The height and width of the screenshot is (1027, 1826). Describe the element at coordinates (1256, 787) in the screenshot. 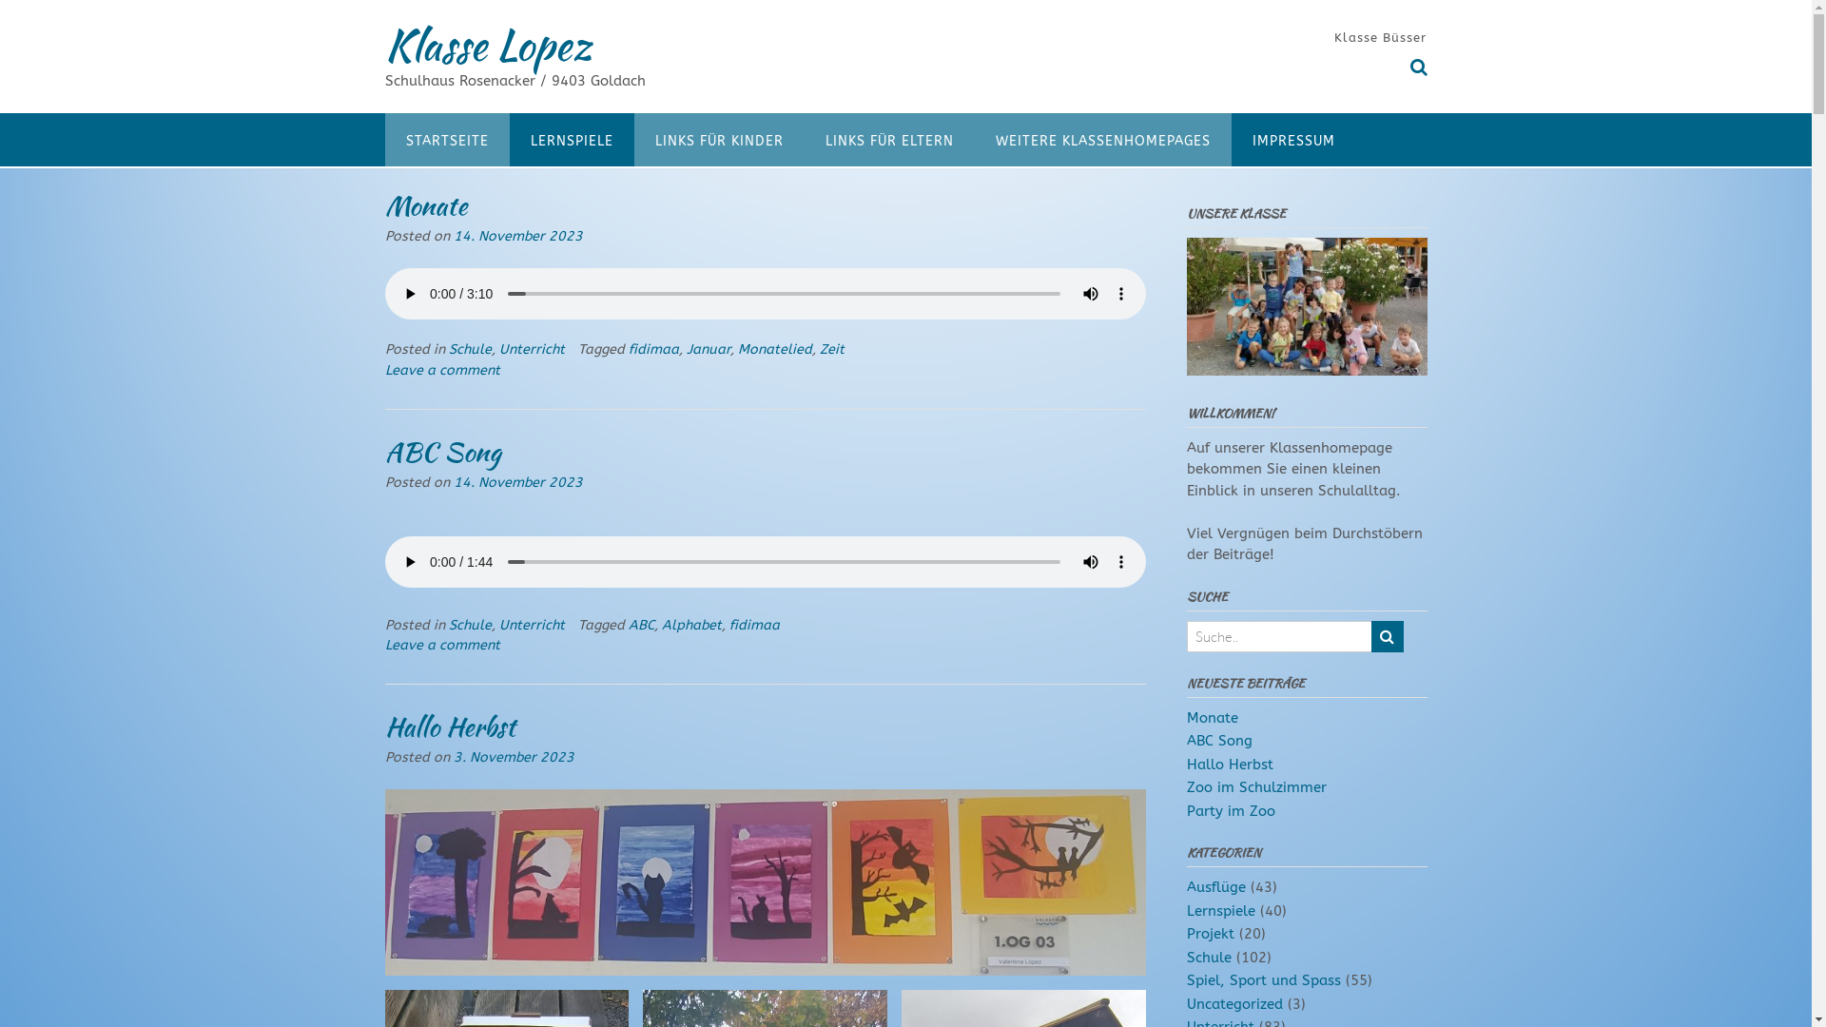

I see `'Zoo im Schulzimmer'` at that location.